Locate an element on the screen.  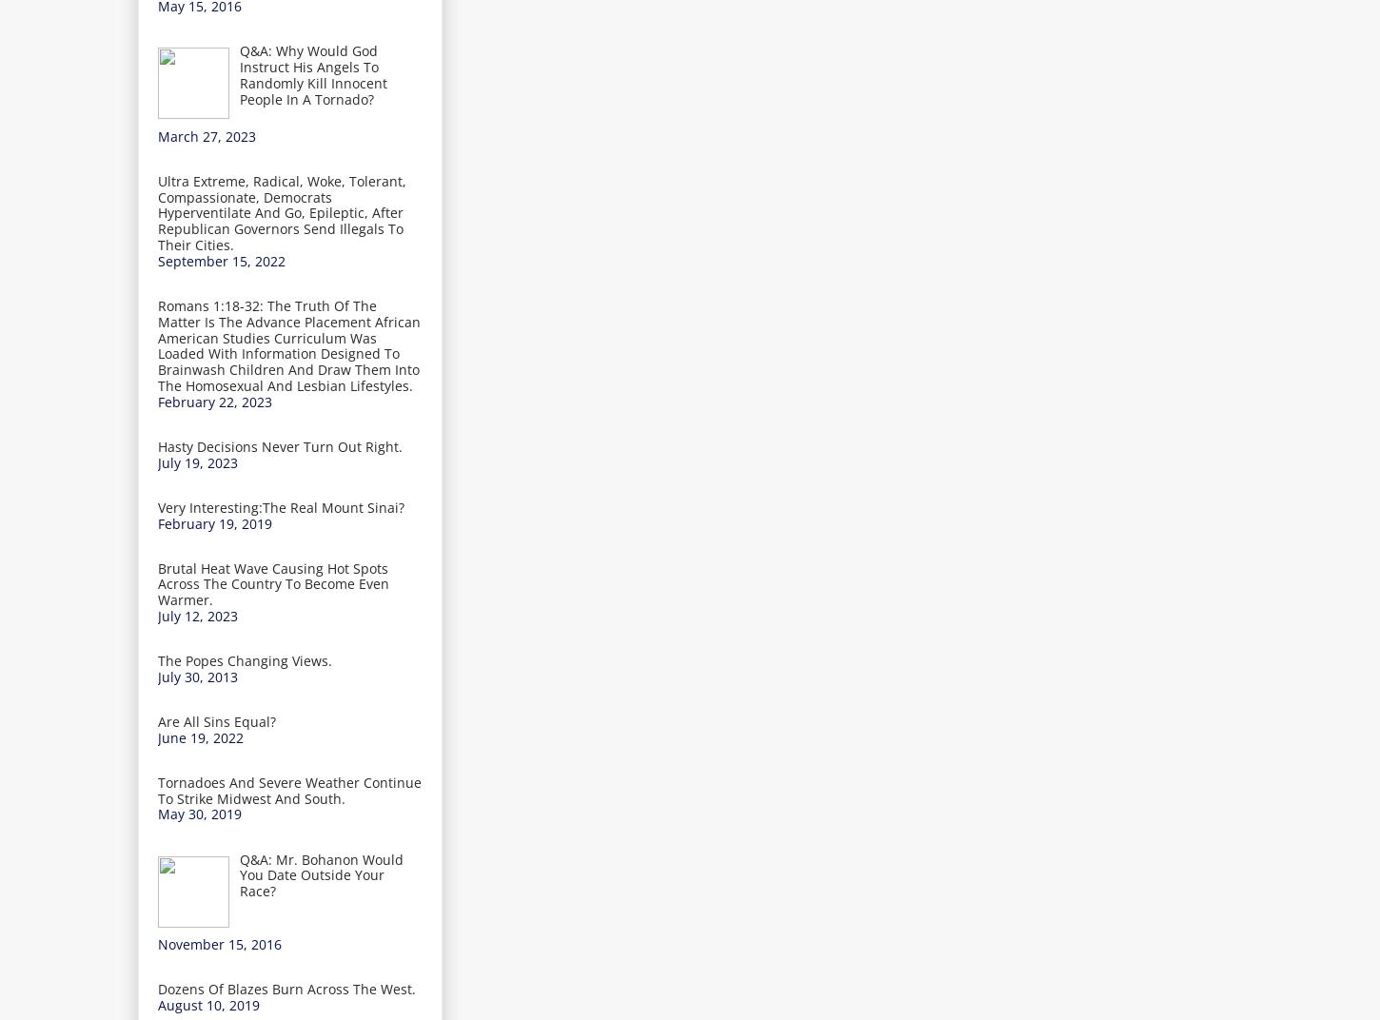
'November 15, 2016' is located at coordinates (218, 943).